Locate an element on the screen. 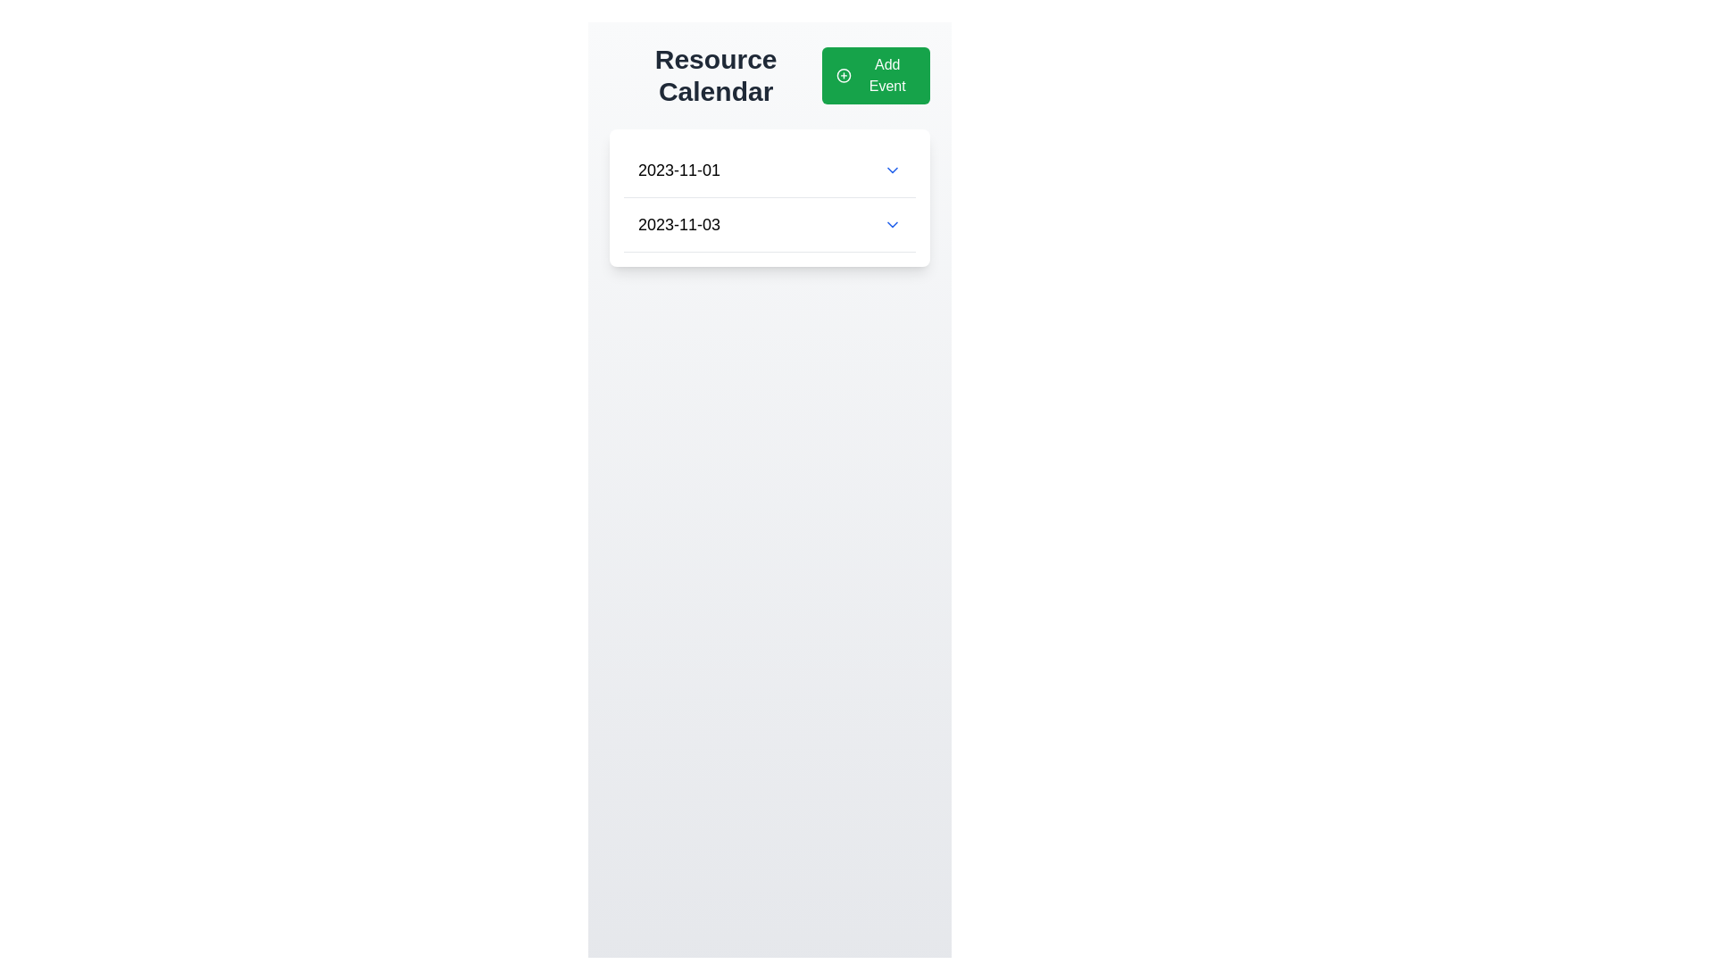  the topmost date entry in the dropdown menu is located at coordinates (770, 170).